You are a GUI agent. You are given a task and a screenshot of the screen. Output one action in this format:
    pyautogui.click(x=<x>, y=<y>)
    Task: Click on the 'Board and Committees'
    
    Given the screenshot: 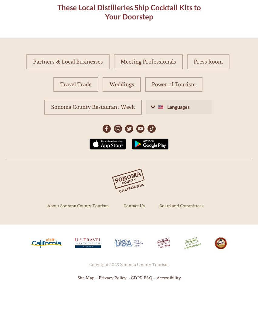 What is the action you would take?
    pyautogui.click(x=181, y=205)
    